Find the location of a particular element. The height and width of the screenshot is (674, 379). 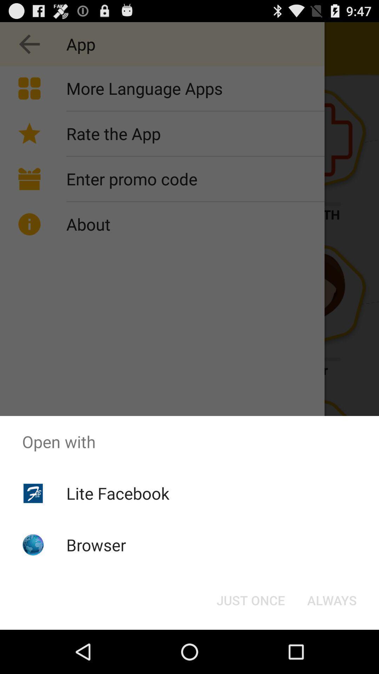

the always icon is located at coordinates (332, 600).